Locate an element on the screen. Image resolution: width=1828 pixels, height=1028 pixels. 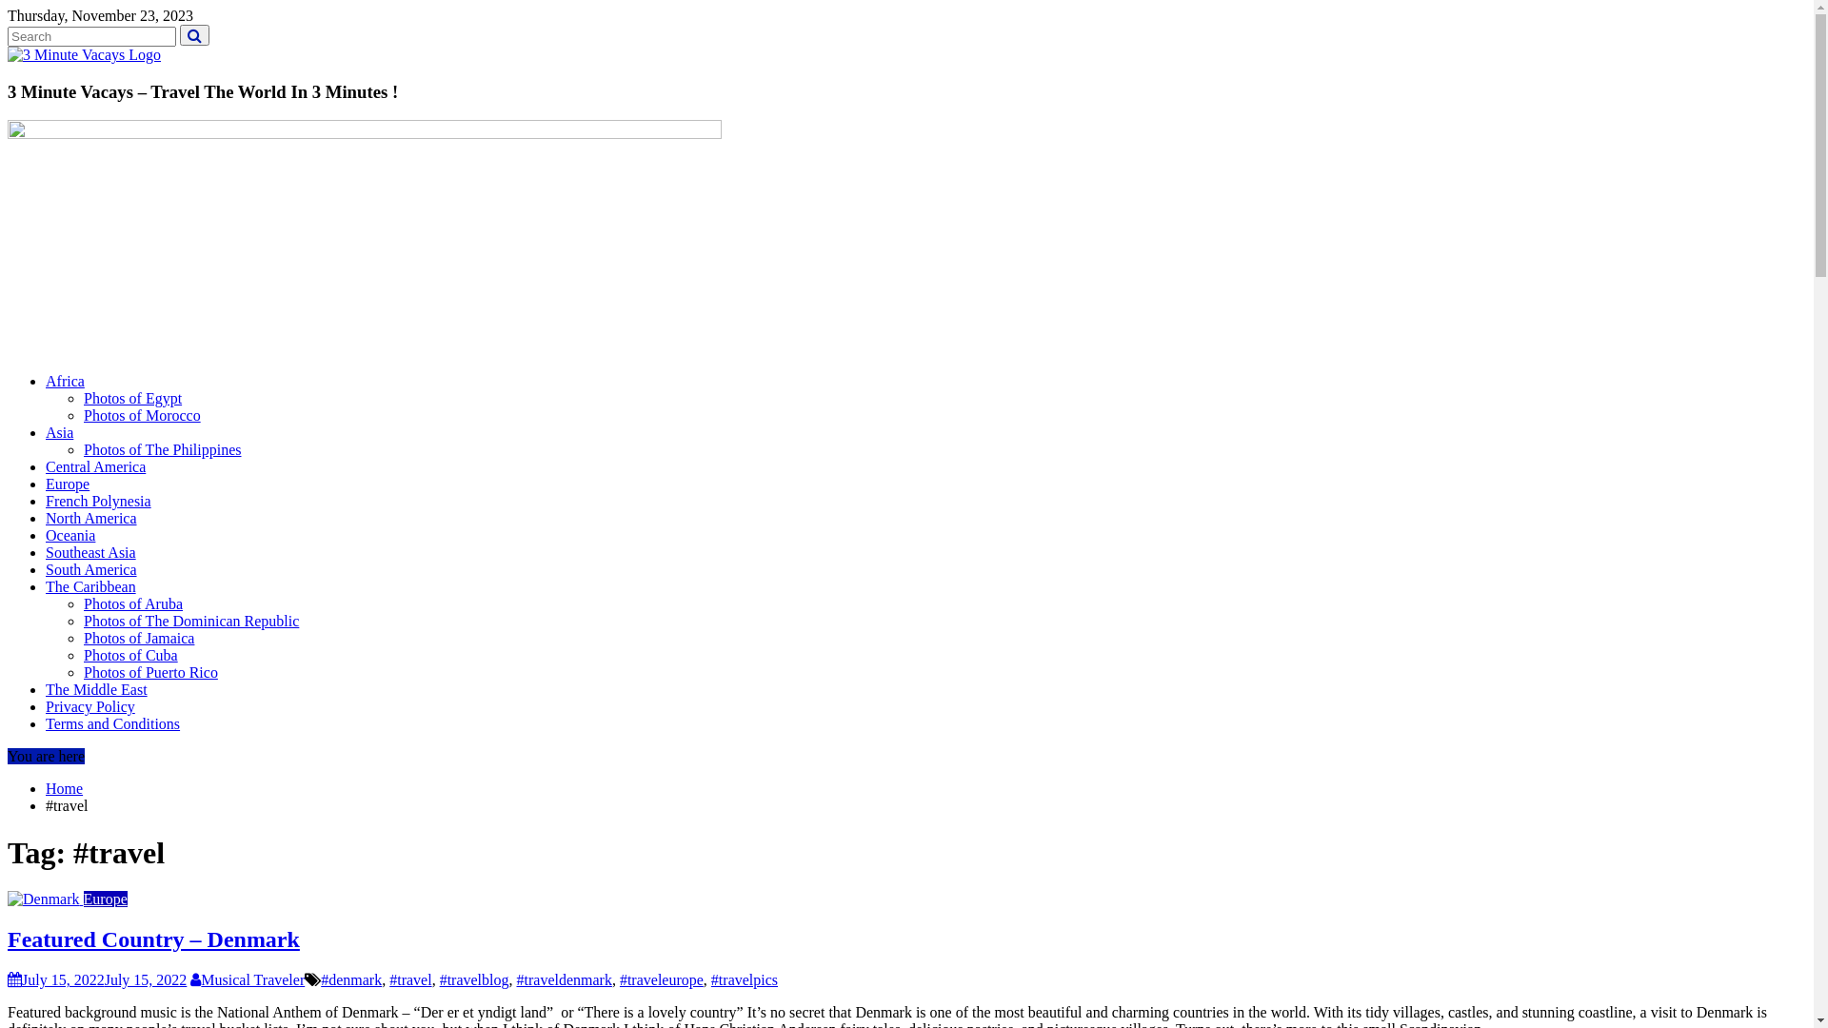
'Photos of The Philippines' is located at coordinates (163, 449).